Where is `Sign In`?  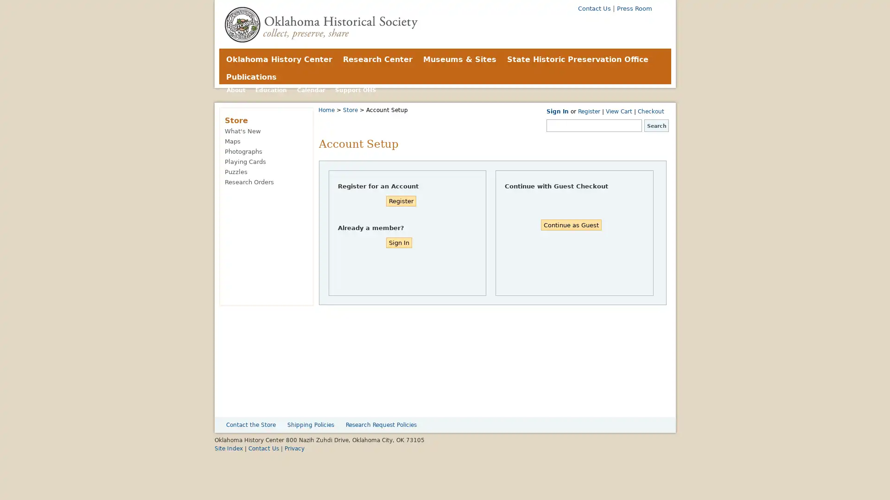 Sign In is located at coordinates (398, 242).